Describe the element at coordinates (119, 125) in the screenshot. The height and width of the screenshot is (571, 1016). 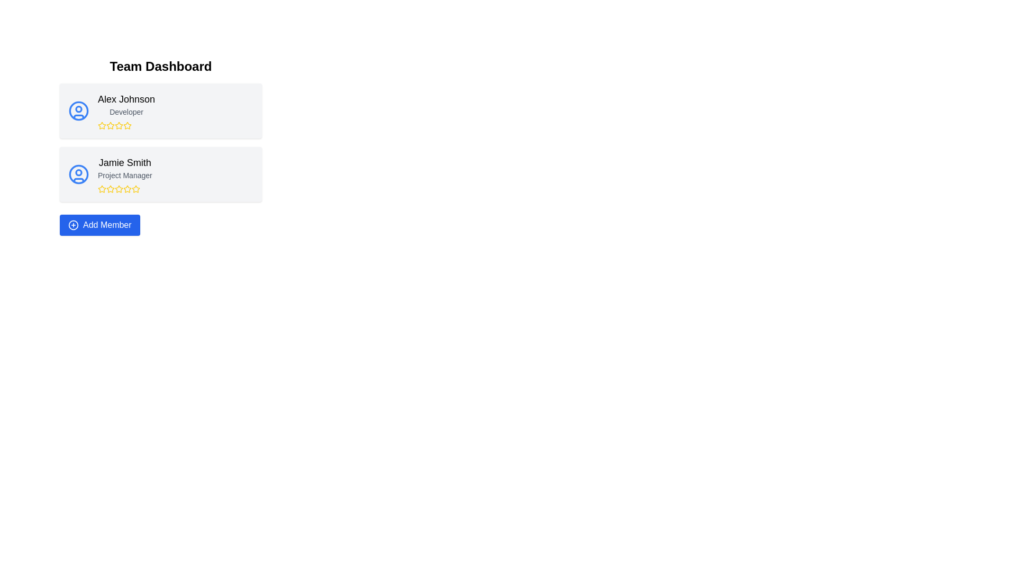
I see `the second star-shaped icon with a yellow fill, part of the rating system located beneath 'Alex Johnson' and 'Developer' in the first card of the user profiles list` at that location.